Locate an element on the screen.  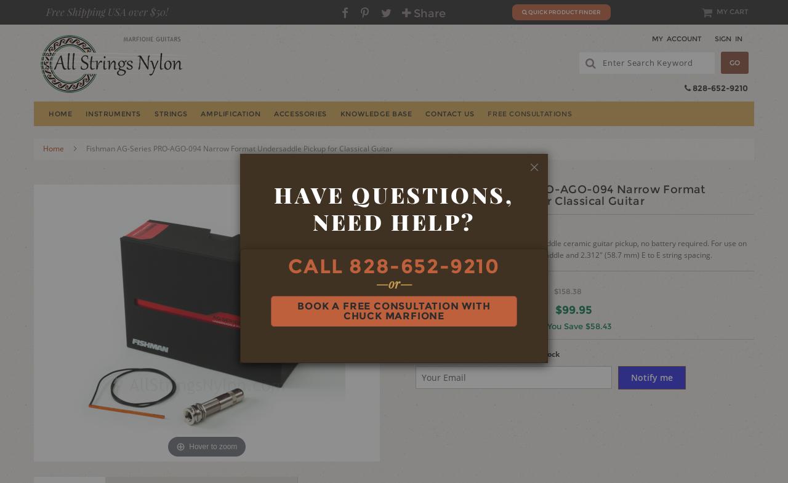
'Gut Strings' is located at coordinates (657, 211).